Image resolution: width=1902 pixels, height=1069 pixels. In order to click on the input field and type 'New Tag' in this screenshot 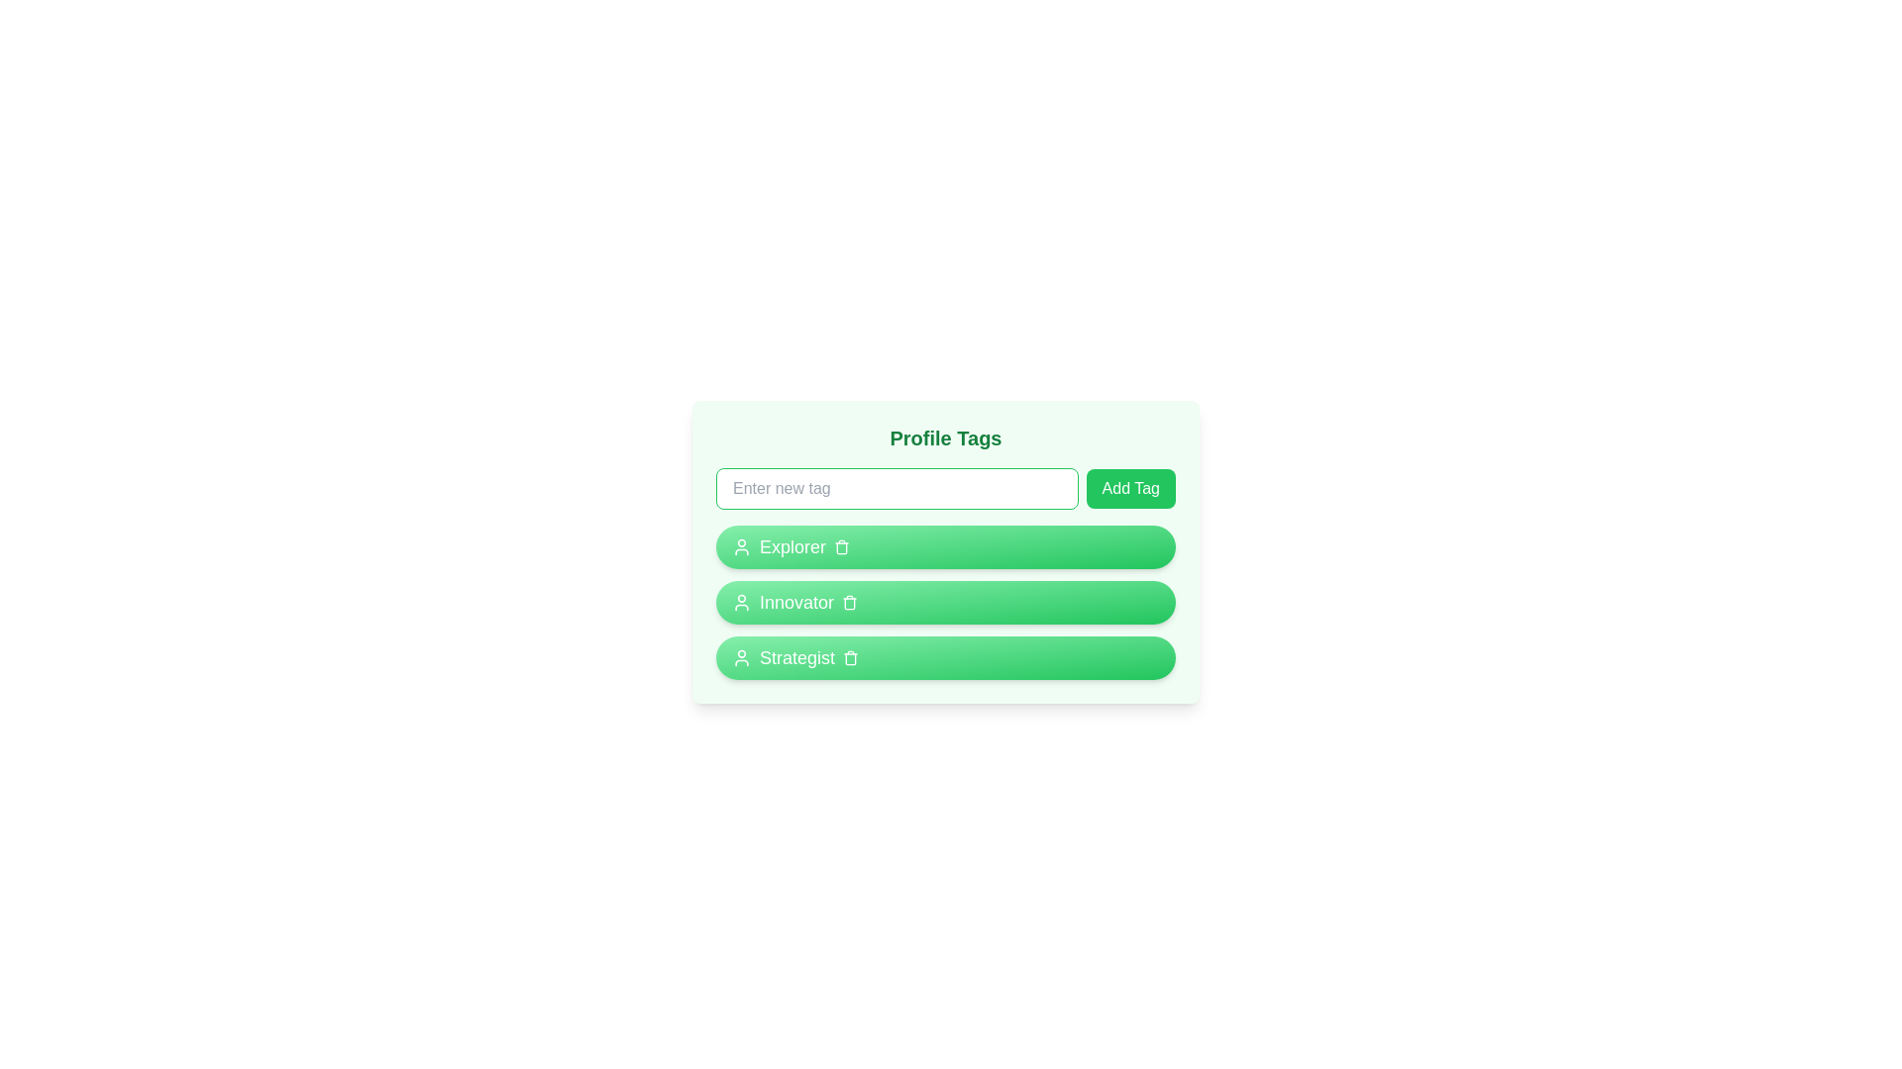, I will do `click(896, 488)`.